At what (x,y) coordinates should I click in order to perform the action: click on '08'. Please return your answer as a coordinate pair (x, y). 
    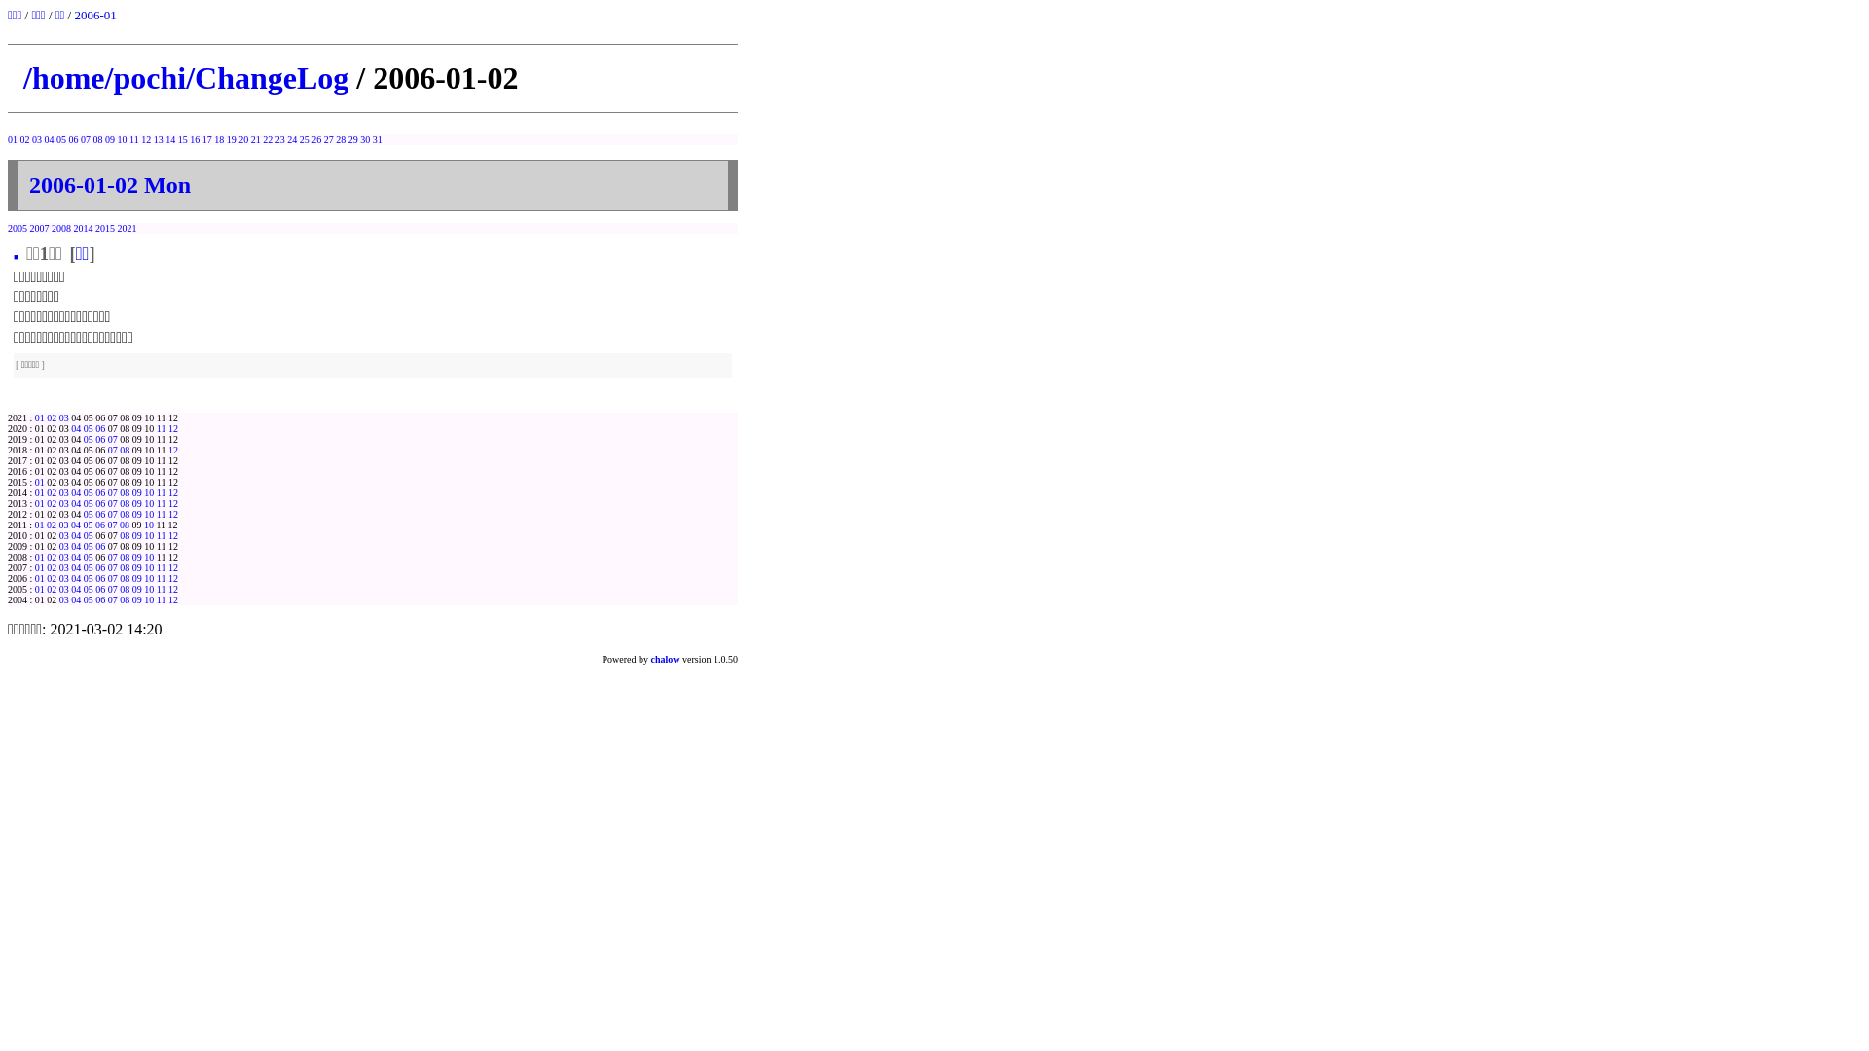
    Looking at the image, I should click on (96, 138).